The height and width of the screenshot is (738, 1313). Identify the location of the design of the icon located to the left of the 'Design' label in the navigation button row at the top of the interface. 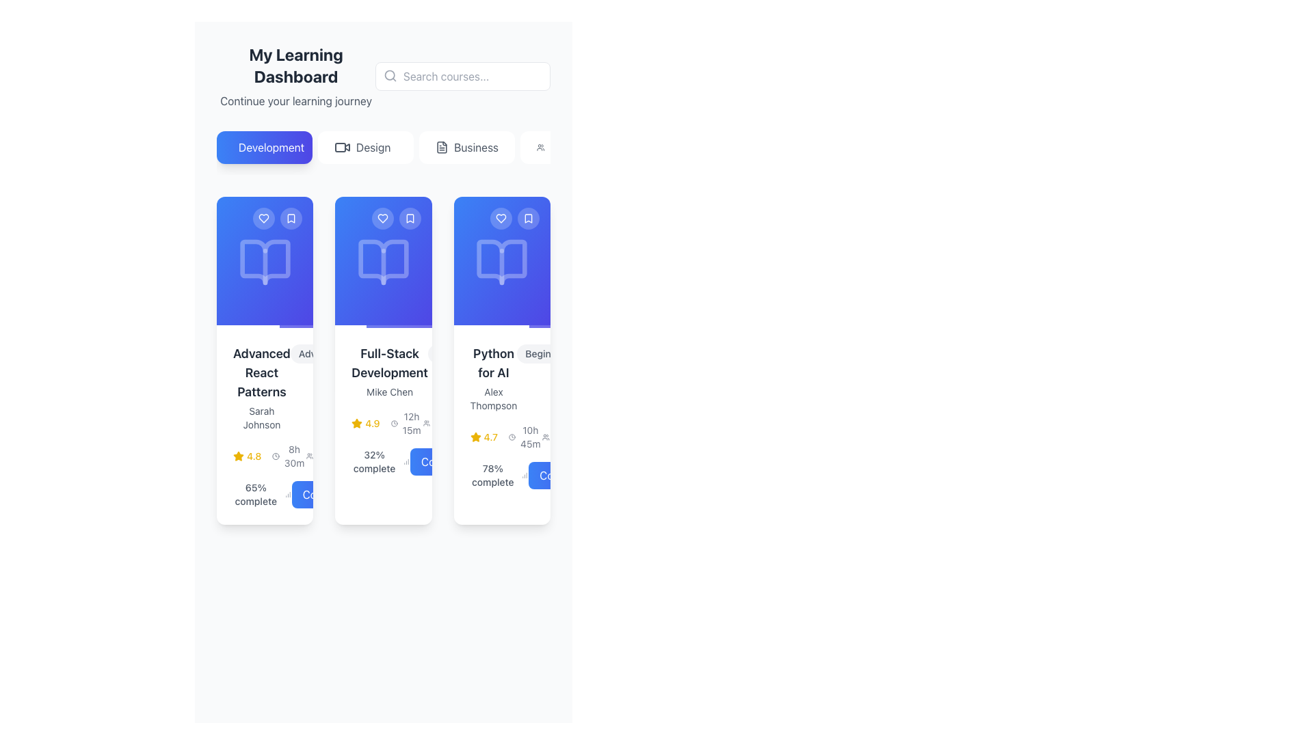
(342, 148).